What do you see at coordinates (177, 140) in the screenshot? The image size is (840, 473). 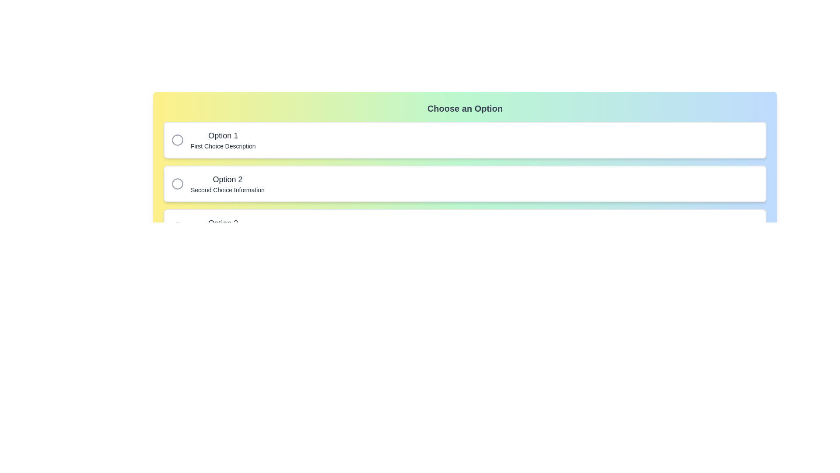 I see `the circular icon with a radius of 10 units, which is part of the first option in a vertical choice list, positioned slightly left of the text 'Option 1'` at bounding box center [177, 140].